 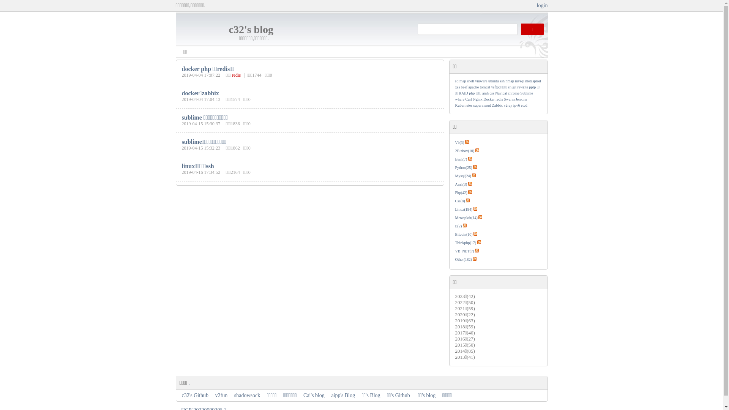 What do you see at coordinates (236, 75) in the screenshot?
I see `'redis'` at bounding box center [236, 75].